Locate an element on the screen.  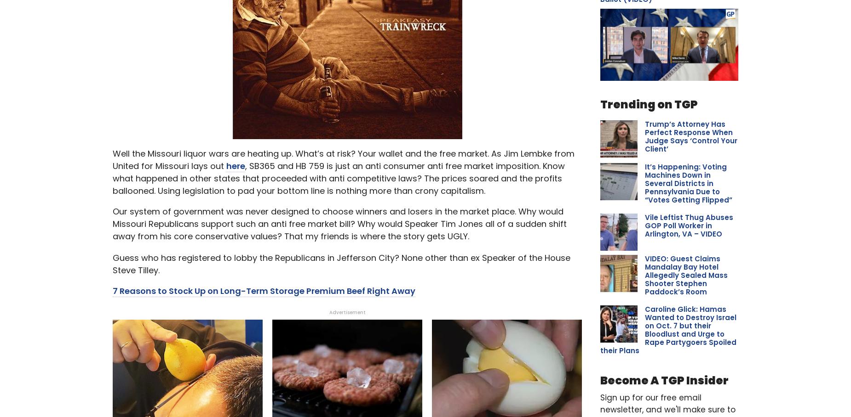
'Jim Hoft is the founder and editor of The Gateway Pundit, one of the top conservative news outlets in America. Jim was awarded the Reed Irvine Accuracy in Media Award in 2013 and is the proud recipient of the Breitbart Award for Excellence in Online Journalism from the Americans for Prosperity Foundation in May 2016. In 2023, The Gateway Pundit received the Most Trusted Print Media Award at the American Liberty Awards.' is located at coordinates (342, 50).